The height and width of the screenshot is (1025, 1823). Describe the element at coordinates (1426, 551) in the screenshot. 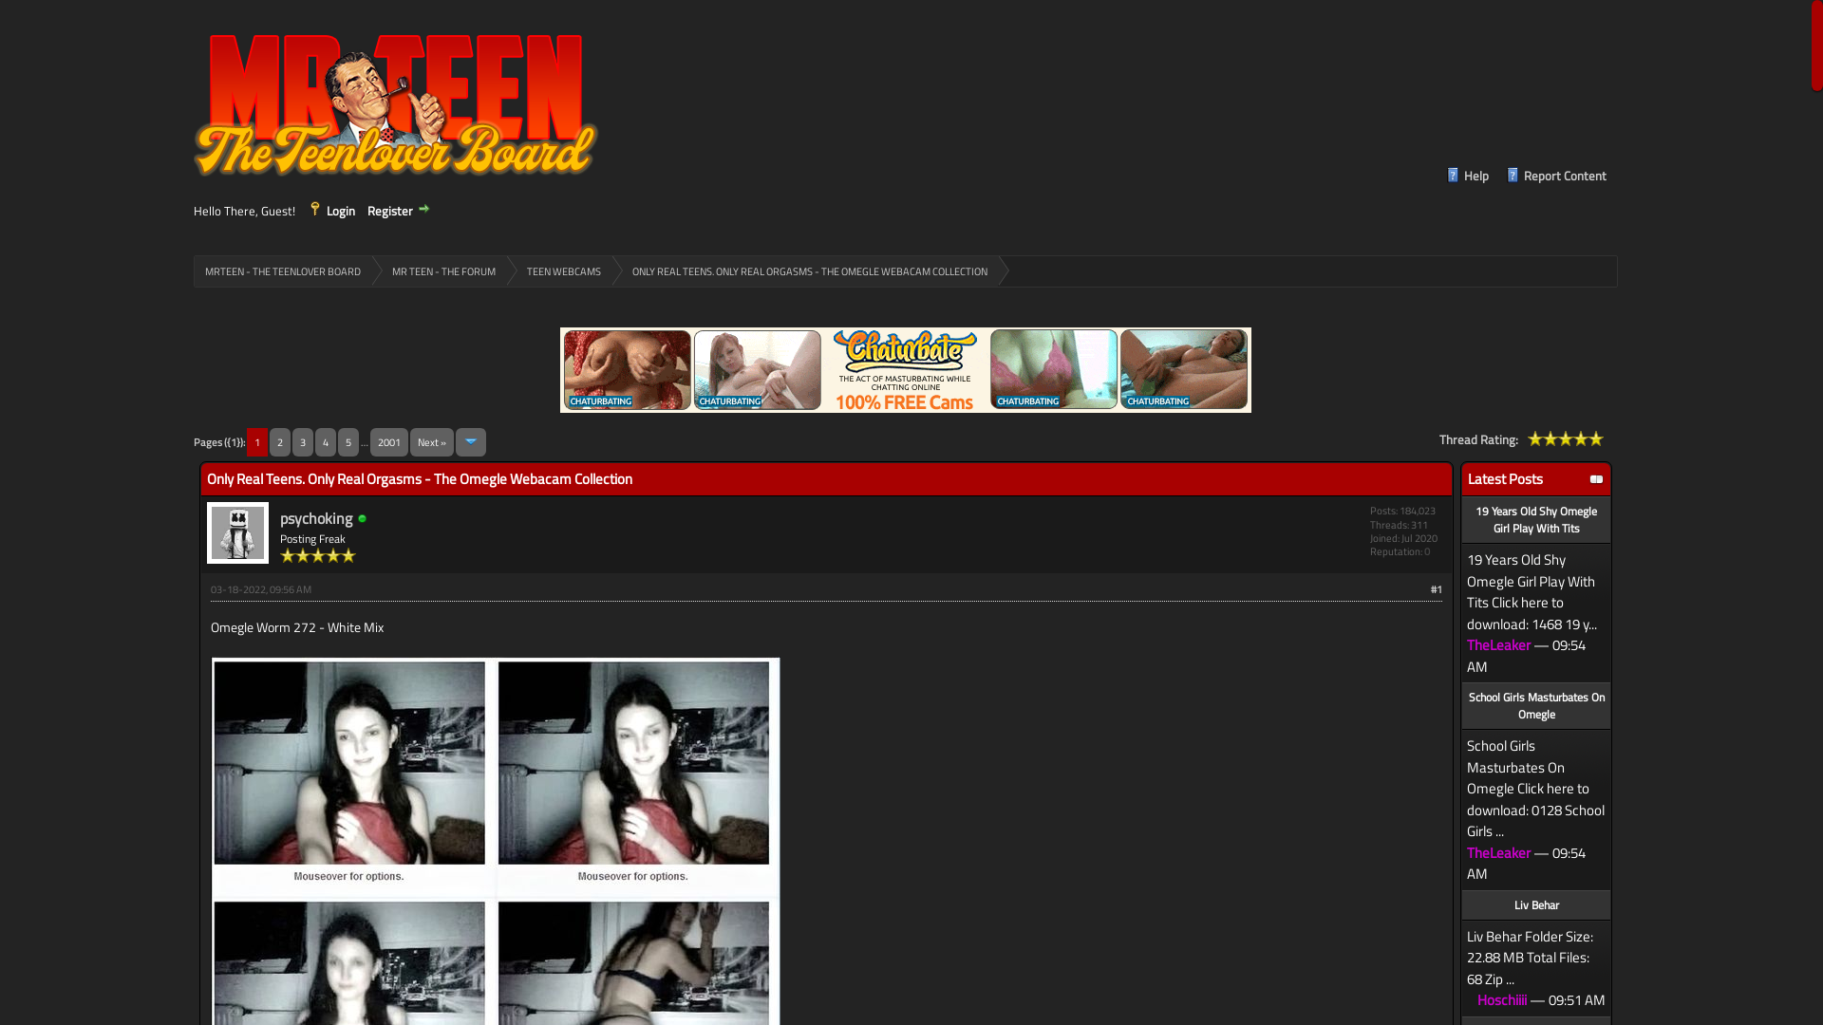

I see `'0'` at that location.